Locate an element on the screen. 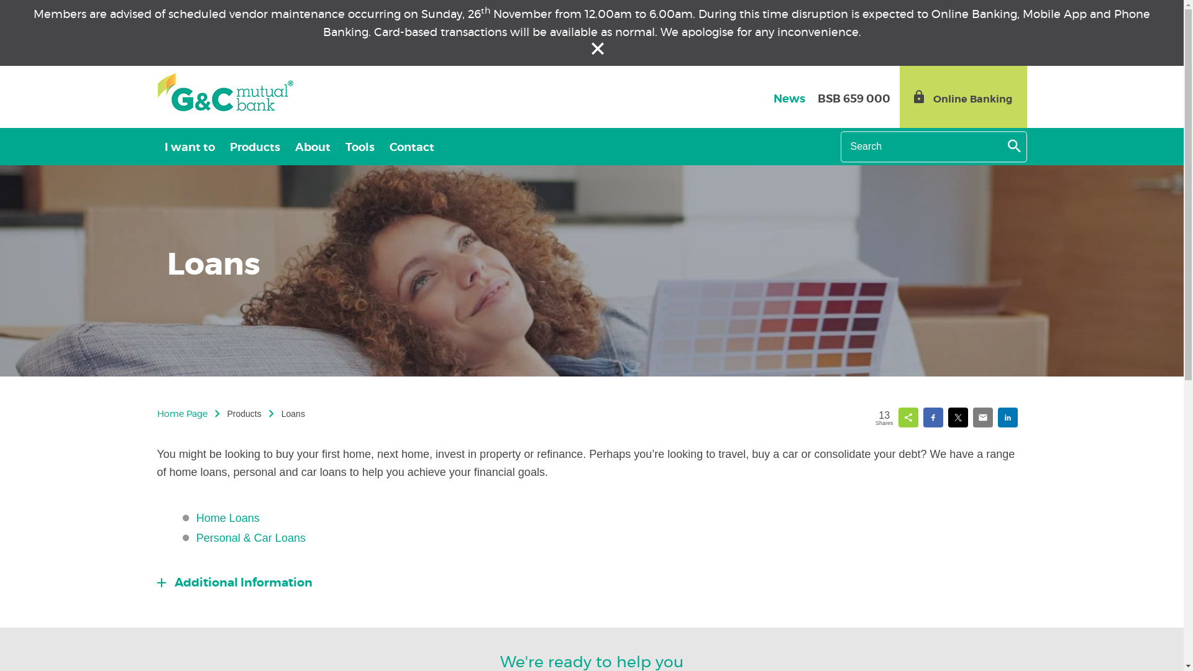 Image resolution: width=1193 pixels, height=671 pixels. 'News' is located at coordinates (788, 98).